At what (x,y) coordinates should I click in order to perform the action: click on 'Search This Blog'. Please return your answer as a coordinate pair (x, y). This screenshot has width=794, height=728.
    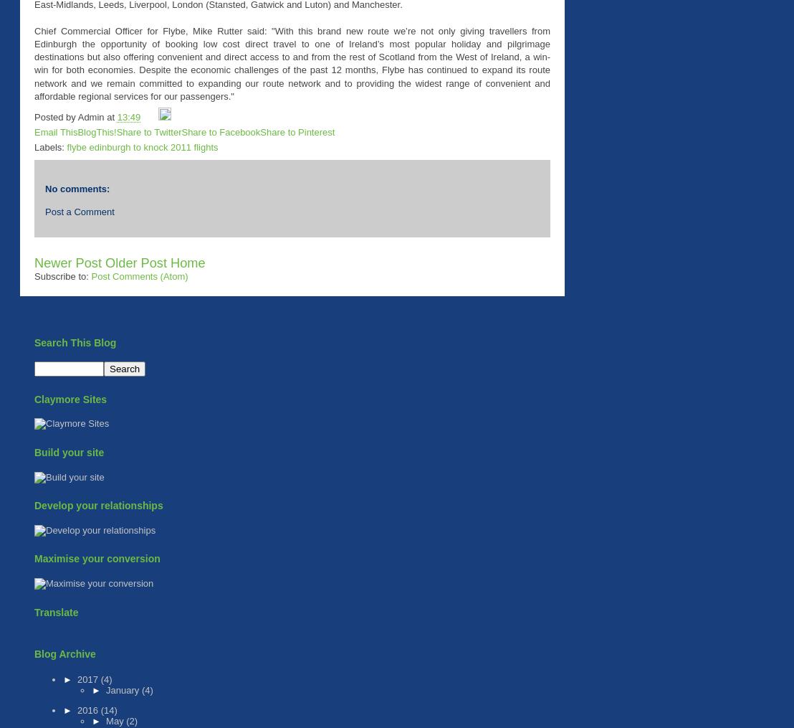
    Looking at the image, I should click on (33, 341).